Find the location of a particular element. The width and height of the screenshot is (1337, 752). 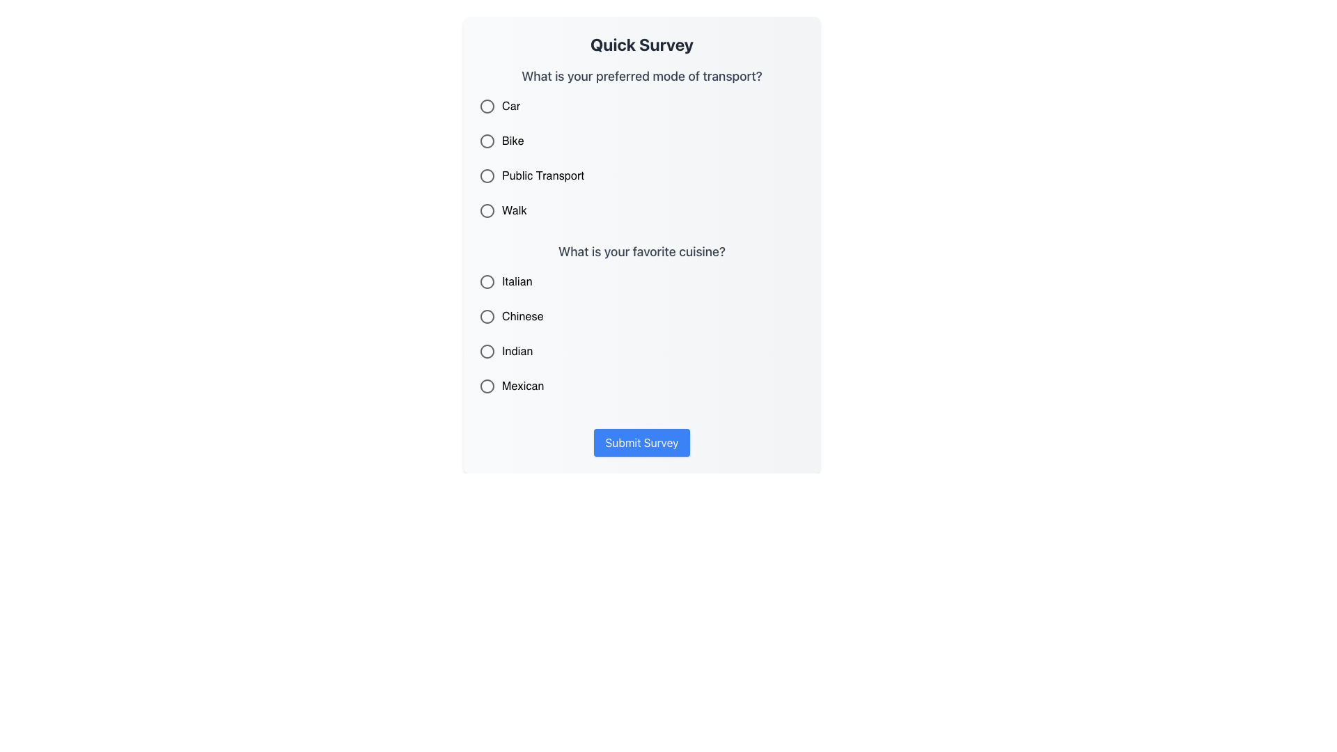

the radio button in the Radio Button Group below the question 'What is your favorite cuisine?' is located at coordinates (641, 331).